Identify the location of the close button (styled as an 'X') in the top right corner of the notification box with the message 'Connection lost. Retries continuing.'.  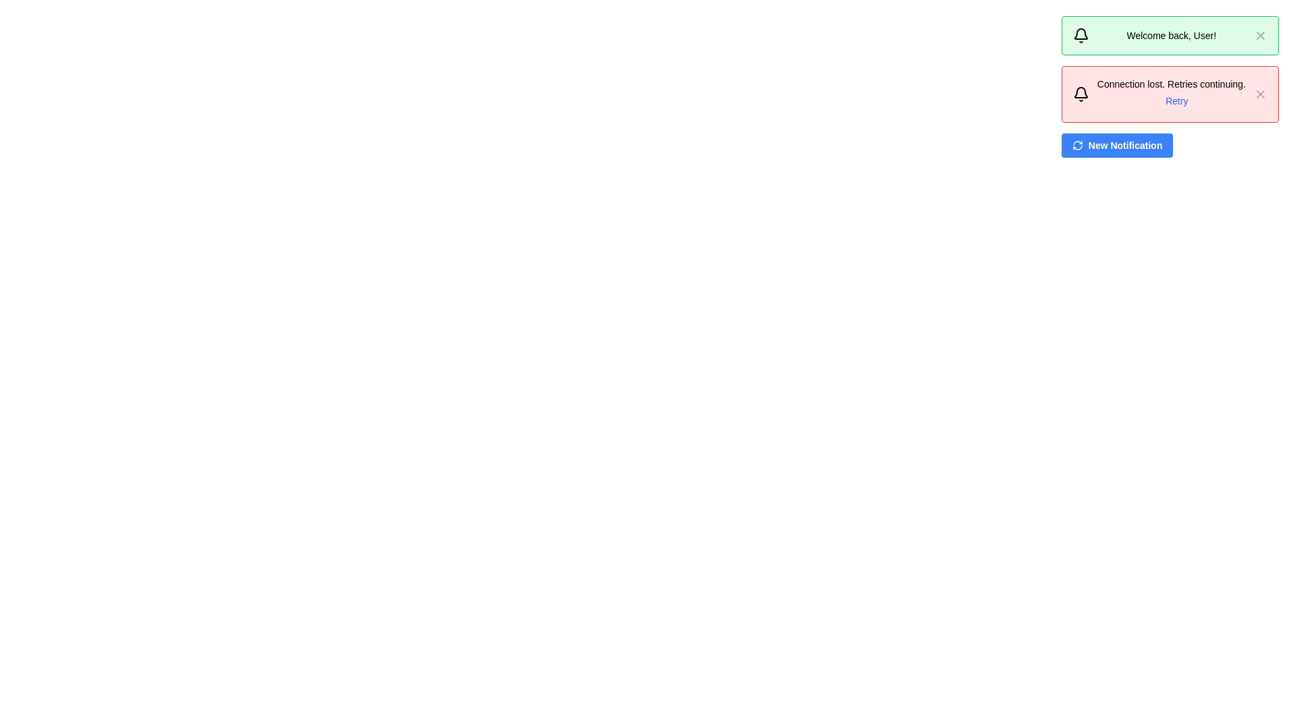
(1259, 93).